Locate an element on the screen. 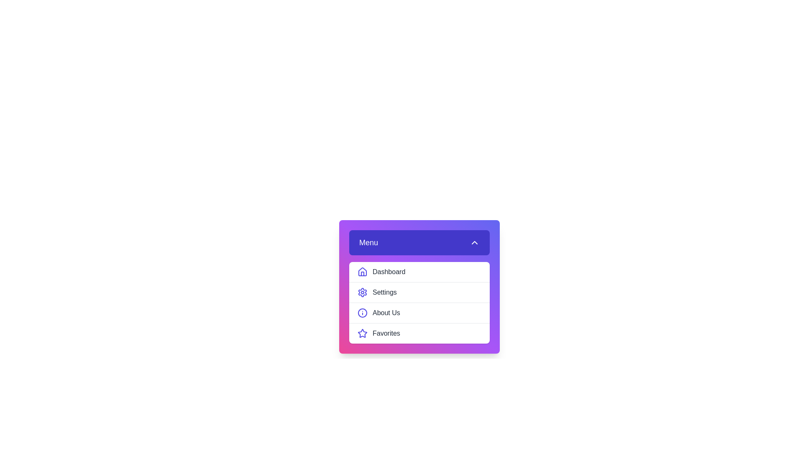 The height and width of the screenshot is (452, 803). the menu item Settings from the menu is located at coordinates (419, 292).